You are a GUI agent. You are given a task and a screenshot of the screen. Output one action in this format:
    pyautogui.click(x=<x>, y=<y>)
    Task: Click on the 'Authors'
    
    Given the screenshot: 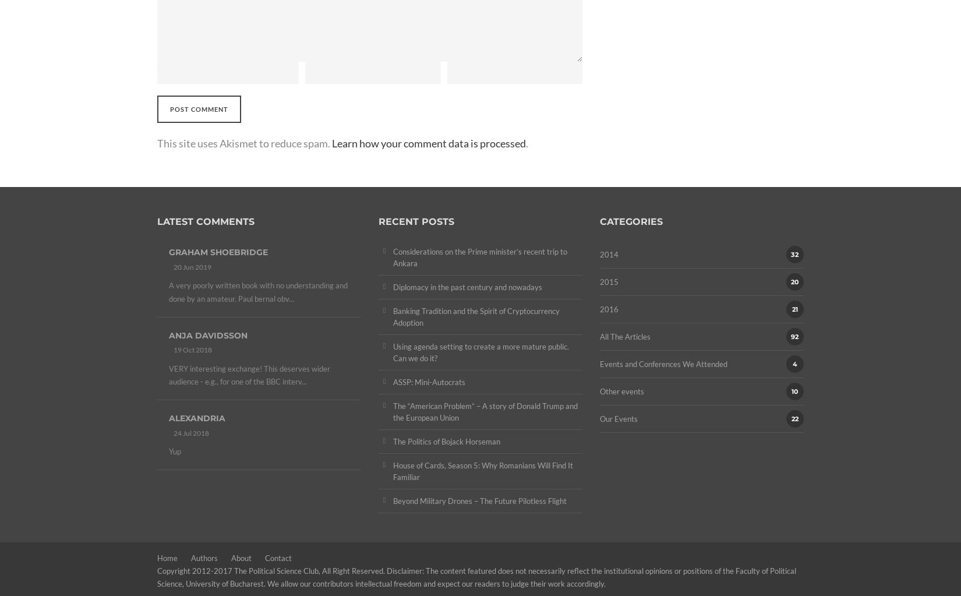 What is the action you would take?
    pyautogui.click(x=204, y=558)
    